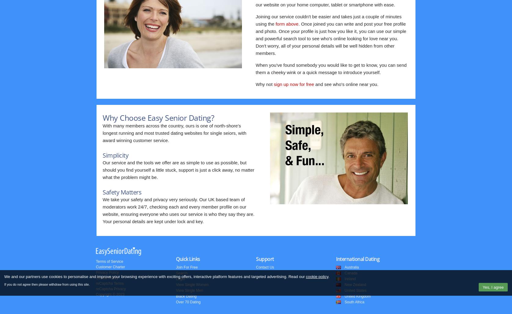 The image size is (512, 314). What do you see at coordinates (506, 270) in the screenshot?
I see `'Top'` at bounding box center [506, 270].